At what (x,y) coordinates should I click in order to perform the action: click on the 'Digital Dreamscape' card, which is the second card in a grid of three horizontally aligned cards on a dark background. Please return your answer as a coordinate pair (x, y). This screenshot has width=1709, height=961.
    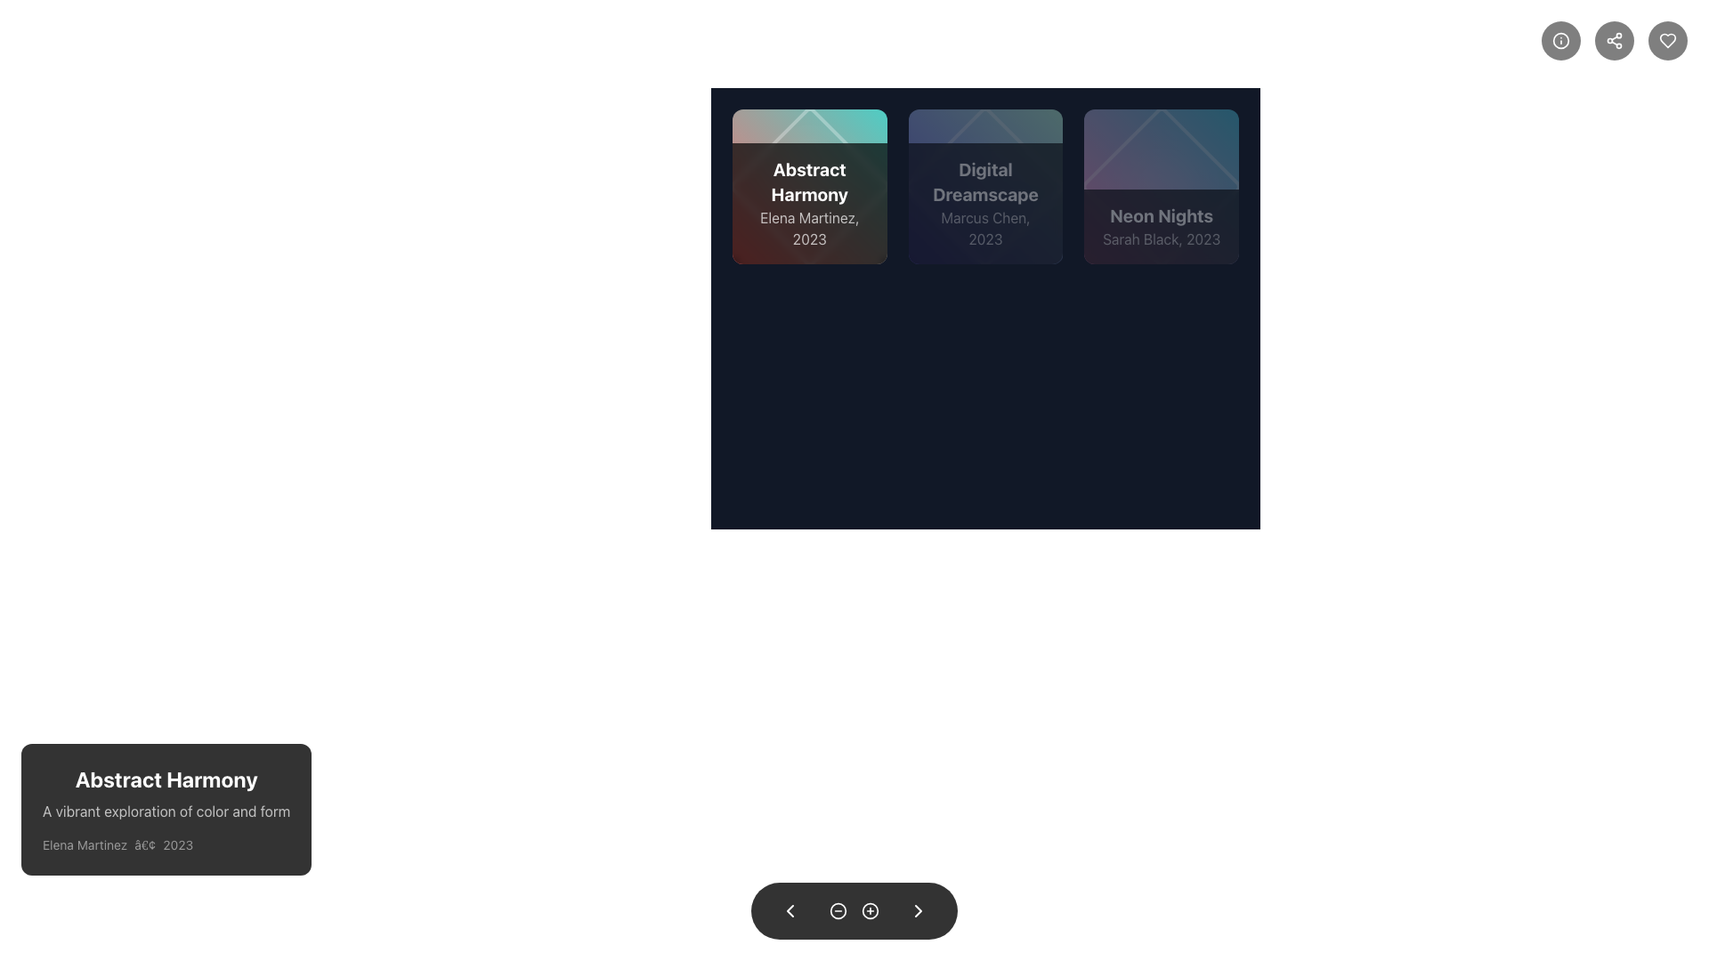
    Looking at the image, I should click on (984, 186).